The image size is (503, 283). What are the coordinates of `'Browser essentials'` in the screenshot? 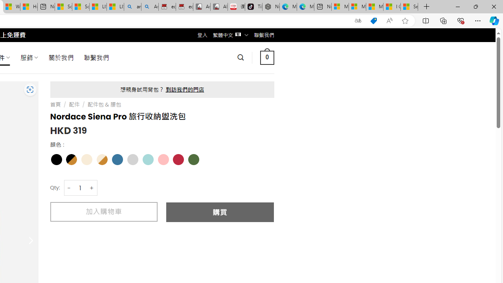 It's located at (460, 20).